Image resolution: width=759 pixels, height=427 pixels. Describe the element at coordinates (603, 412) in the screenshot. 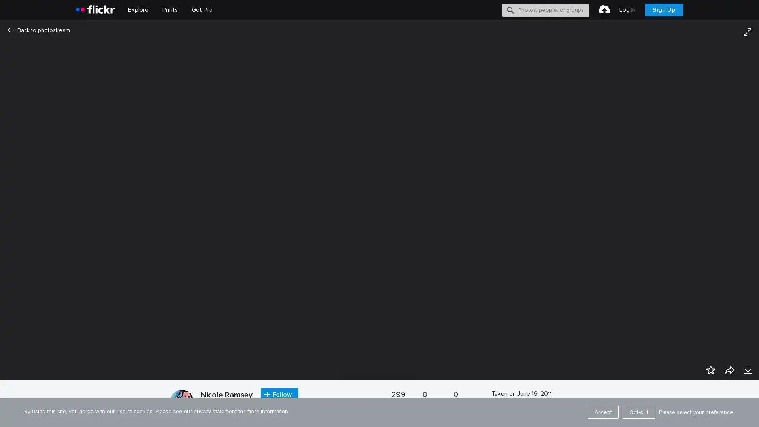

I see `Accept` at that location.